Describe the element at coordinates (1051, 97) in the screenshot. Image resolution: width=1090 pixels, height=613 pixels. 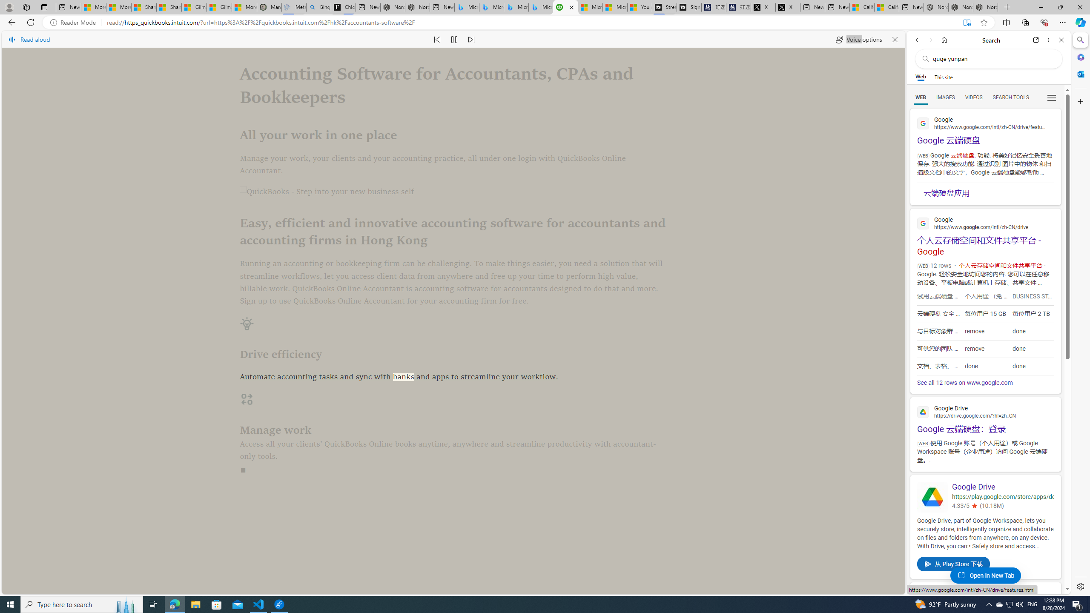
I see `'Preferences'` at that location.